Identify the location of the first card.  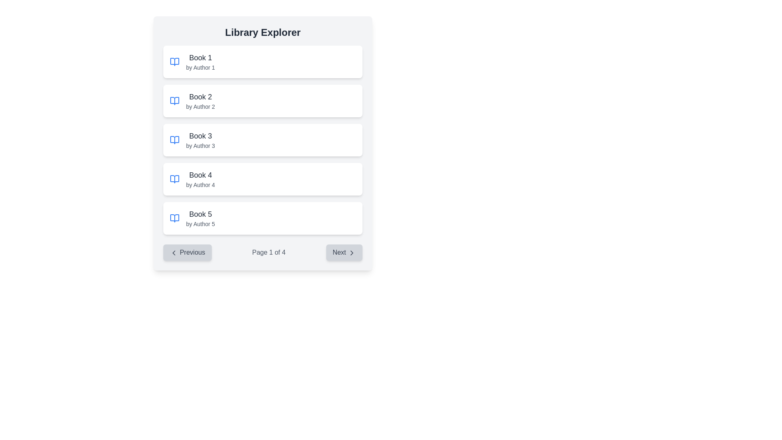
(263, 61).